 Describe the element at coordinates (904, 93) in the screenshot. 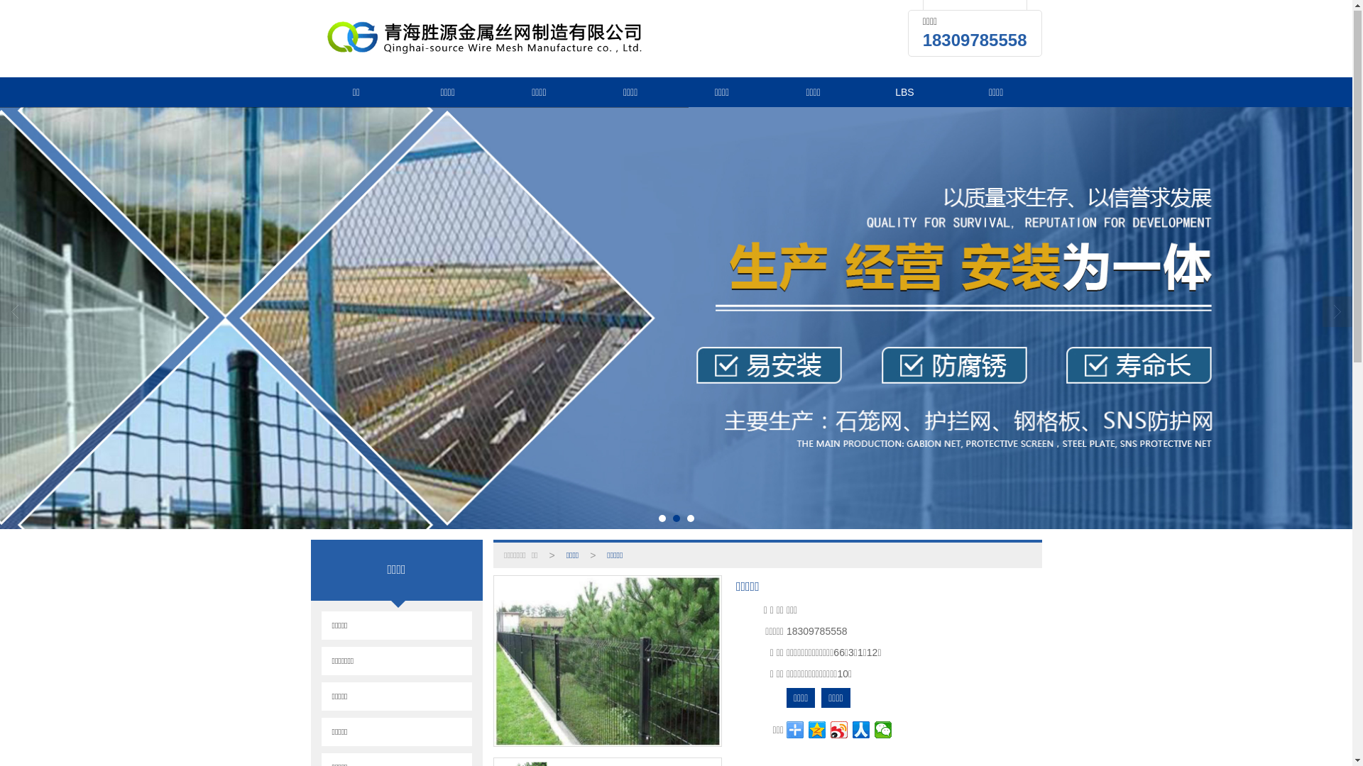

I see `'LBS'` at that location.